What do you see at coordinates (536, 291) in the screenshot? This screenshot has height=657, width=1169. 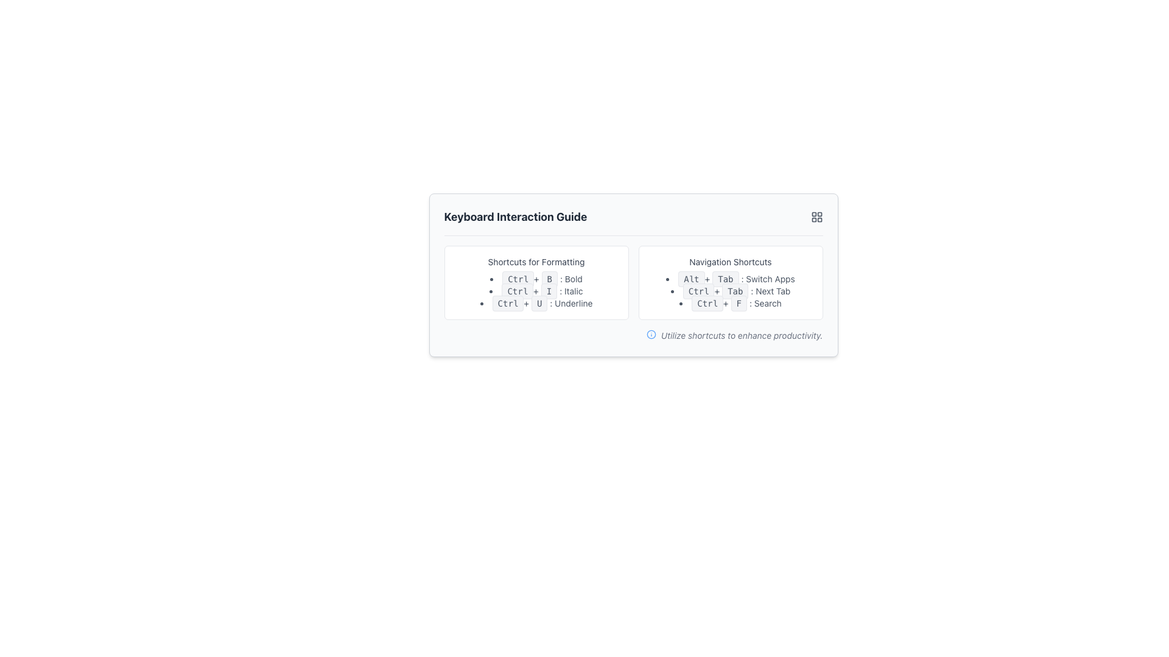 I see `the Text List element that displays keyboard shortcuts for formatting, which is the second component in the 'Shortcuts for Formatting' section` at bounding box center [536, 291].